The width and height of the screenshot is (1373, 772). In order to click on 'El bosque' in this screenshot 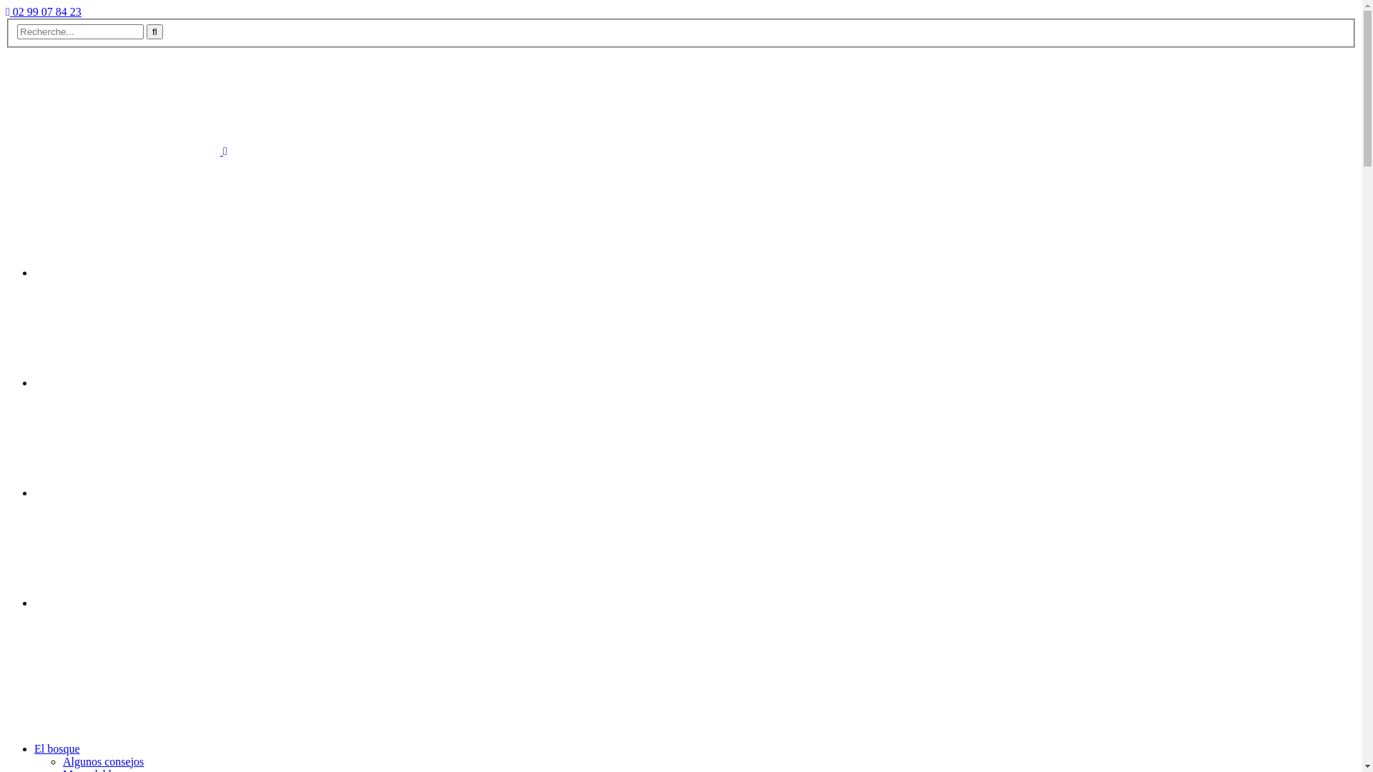, I will do `click(57, 748)`.